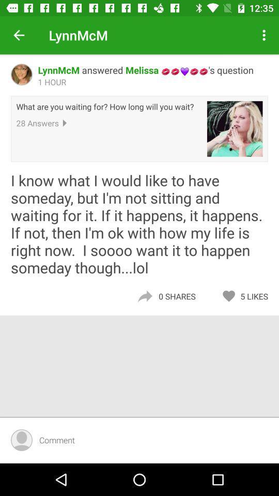 The height and width of the screenshot is (496, 279). Describe the element at coordinates (235, 128) in the screenshot. I see `icon to the right of what are you` at that location.